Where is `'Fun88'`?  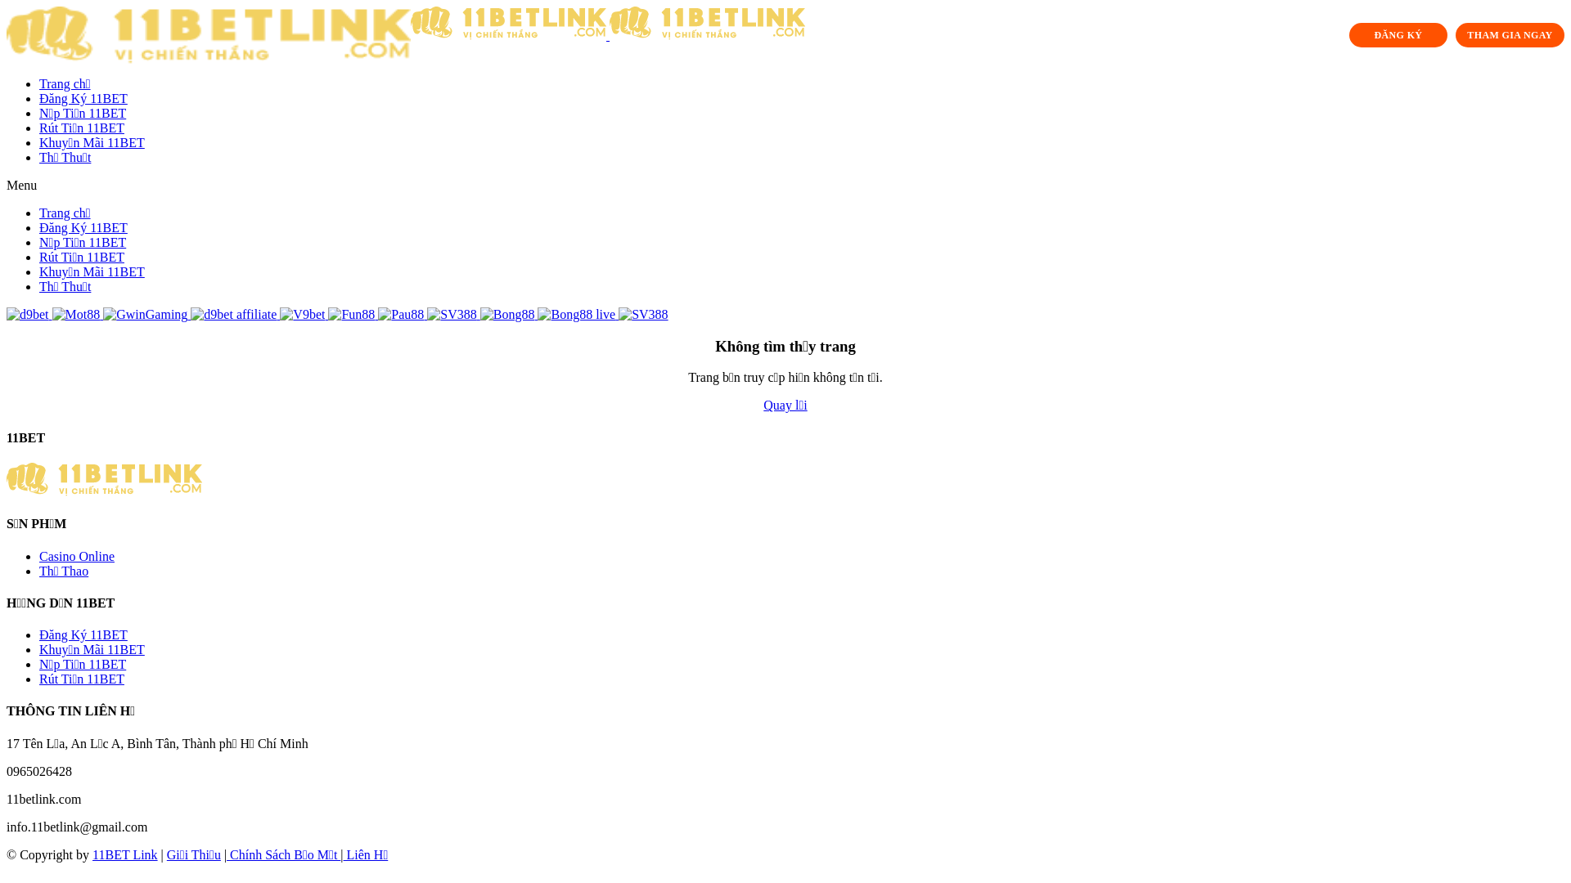
'Fun88' is located at coordinates (352, 314).